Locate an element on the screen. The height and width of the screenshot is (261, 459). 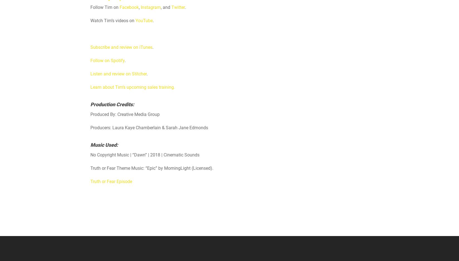
'Produced By: Creative Media Group' is located at coordinates (125, 114).